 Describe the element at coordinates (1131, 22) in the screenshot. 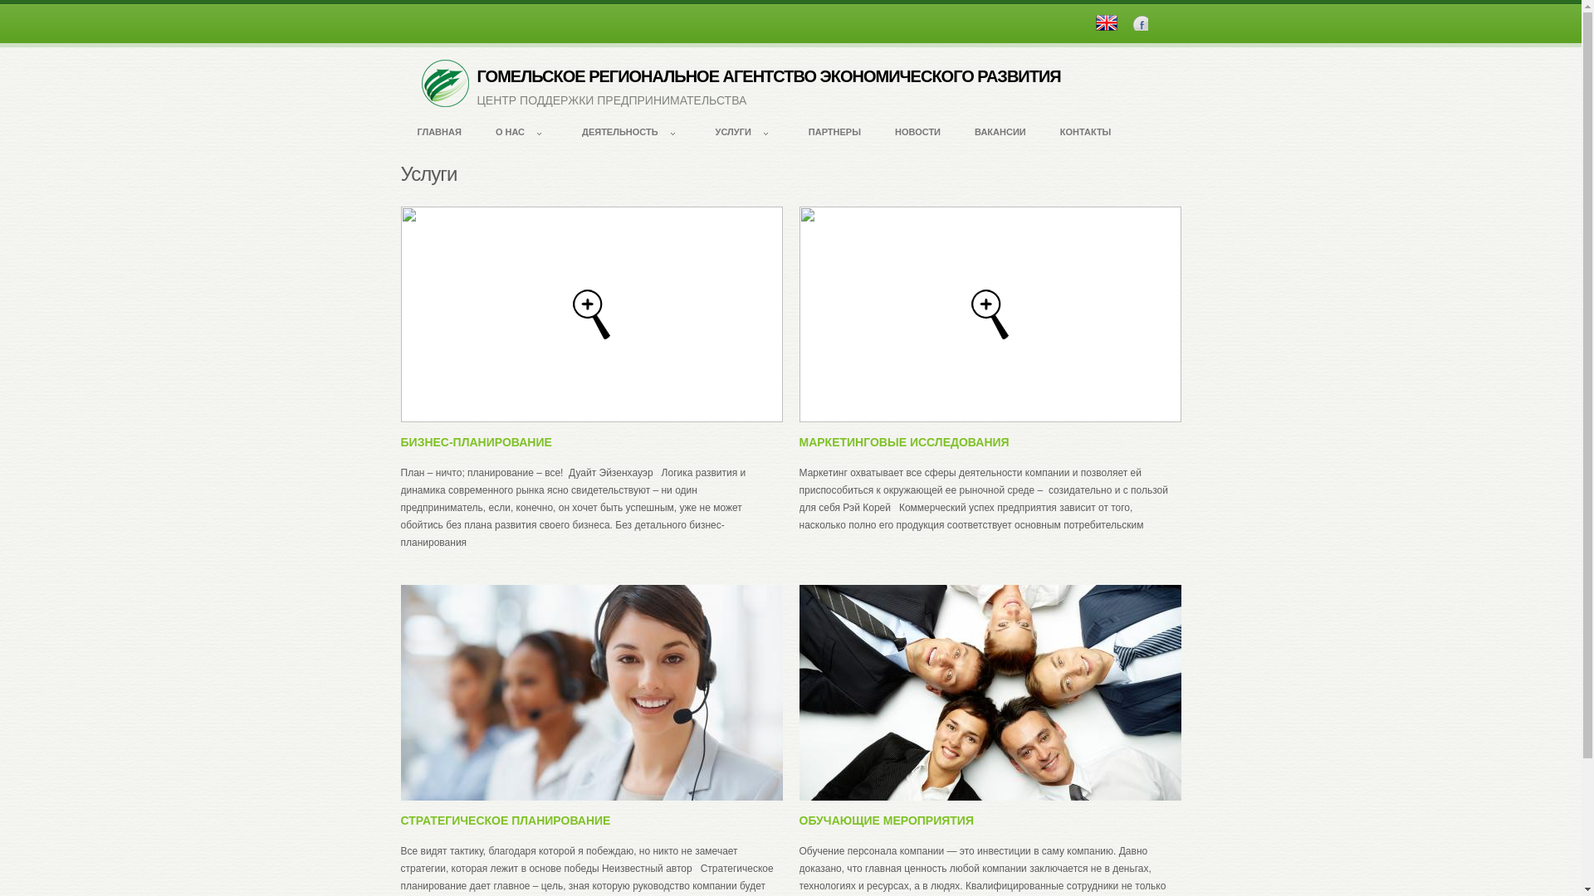

I see `'Facebook'` at that location.